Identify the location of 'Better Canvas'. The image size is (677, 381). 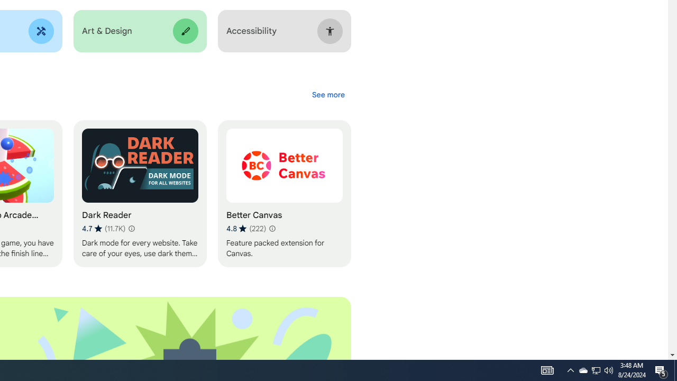
(284, 194).